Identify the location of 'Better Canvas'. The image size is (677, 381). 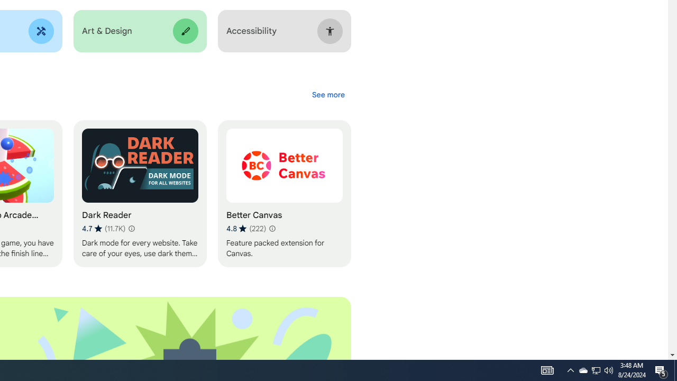
(284, 194).